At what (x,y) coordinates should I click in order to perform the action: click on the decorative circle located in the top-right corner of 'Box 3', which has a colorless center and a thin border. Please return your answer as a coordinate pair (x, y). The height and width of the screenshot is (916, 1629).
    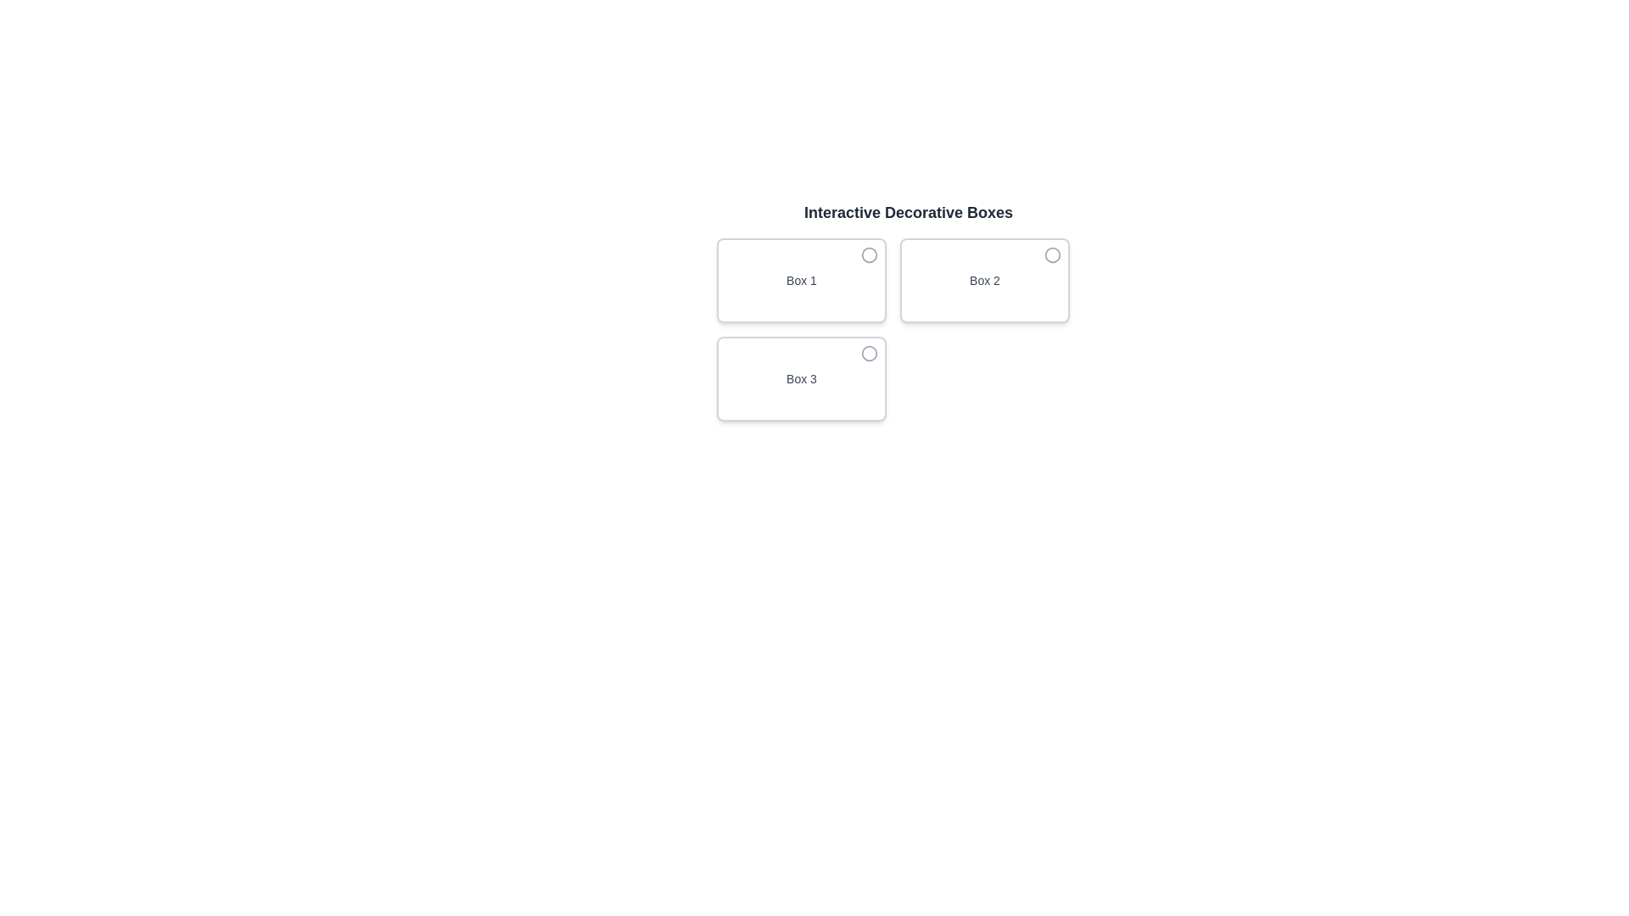
    Looking at the image, I should click on (870, 352).